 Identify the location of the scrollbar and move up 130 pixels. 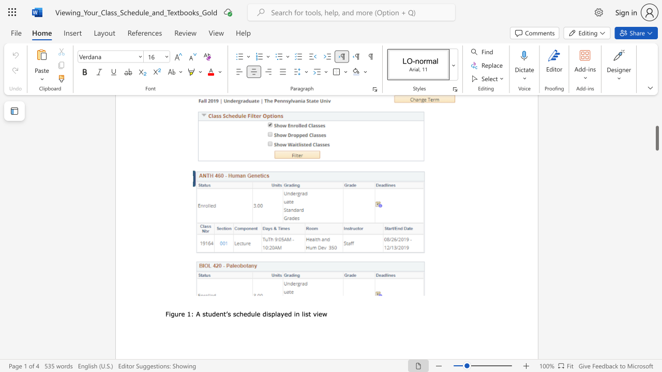
(656, 137).